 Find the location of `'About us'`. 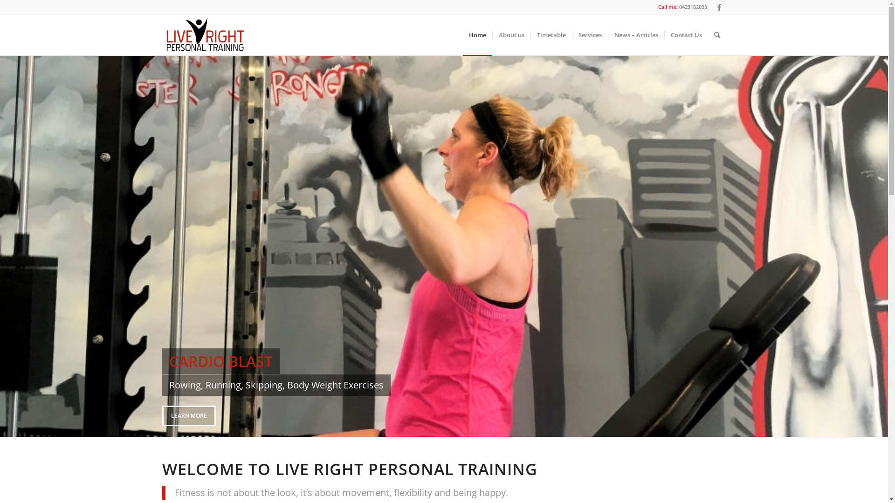

'About us' is located at coordinates (511, 34).